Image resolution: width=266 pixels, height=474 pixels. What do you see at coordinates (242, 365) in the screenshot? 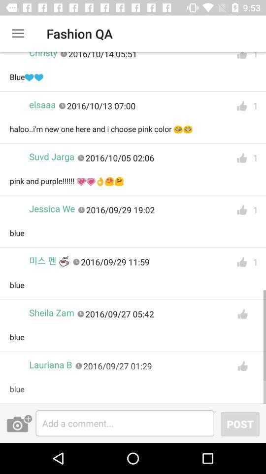
I see `like comment` at bounding box center [242, 365].